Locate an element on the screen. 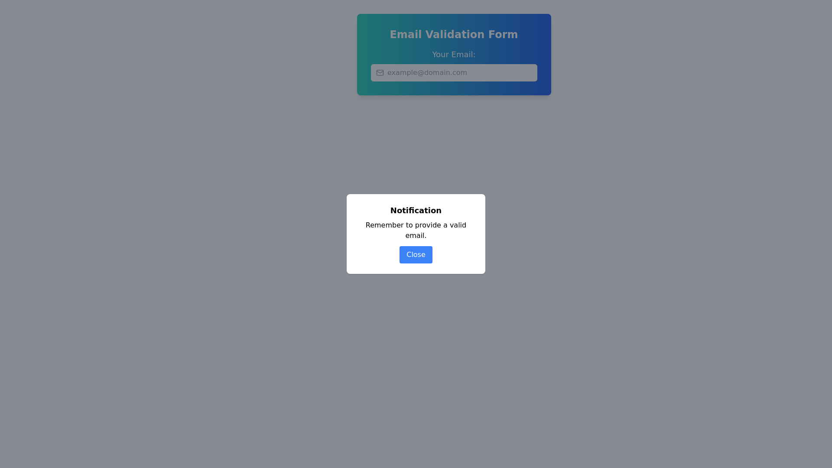  the static text label displaying 'Your Email:' which is positioned at the top of the interface within the 'Email Validation Form' section is located at coordinates (453, 55).